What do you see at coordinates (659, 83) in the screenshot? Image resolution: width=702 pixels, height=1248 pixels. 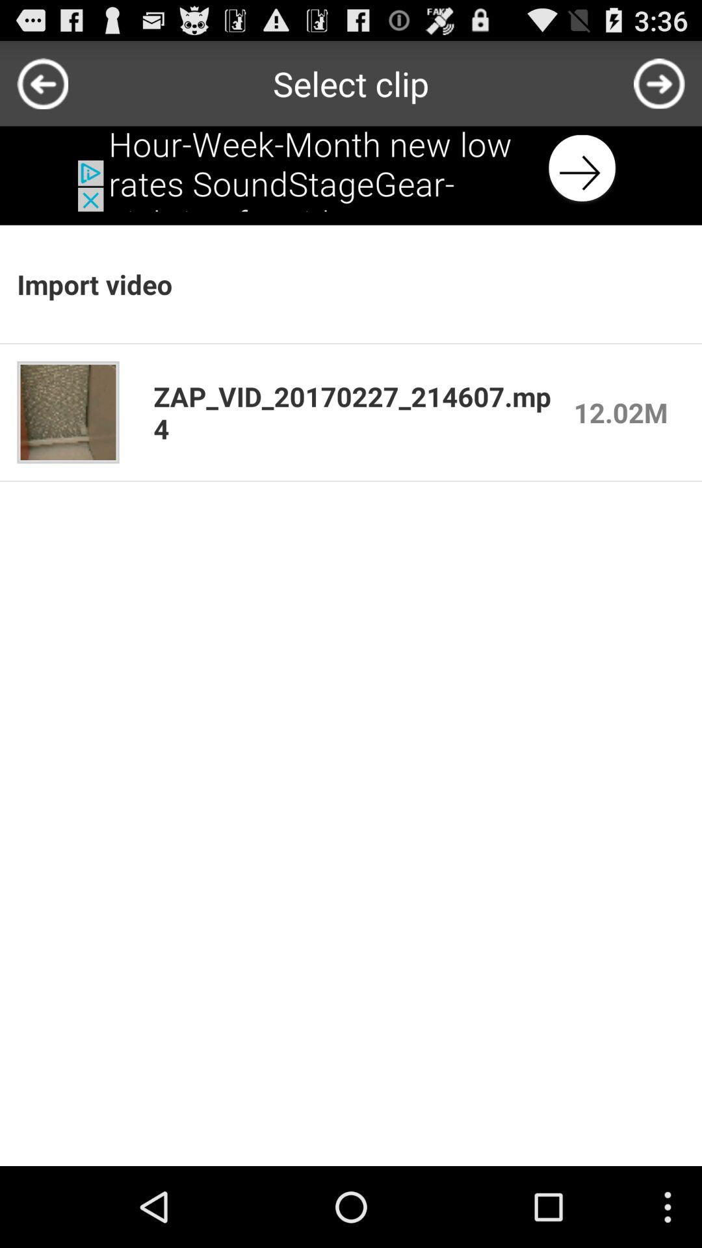 I see `the next page` at bounding box center [659, 83].